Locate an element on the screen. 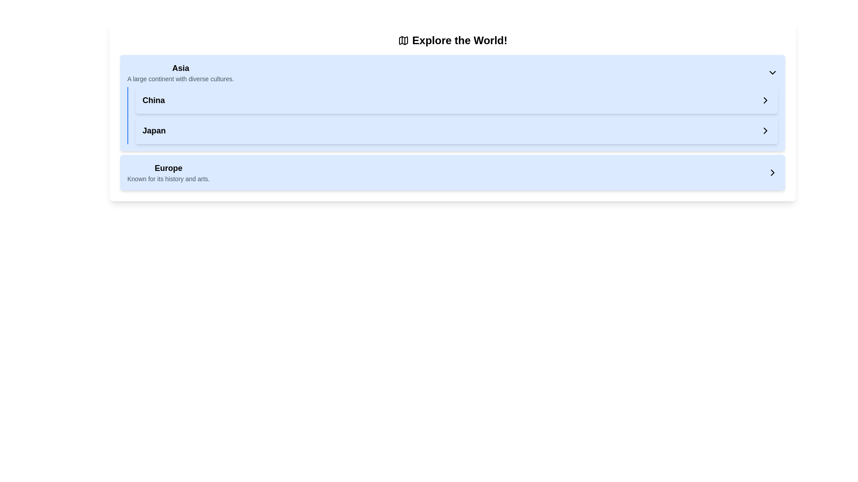 The width and height of the screenshot is (858, 482). descriptive text located beneath the 'Europe' heading, which provides additional information about the topic 'Europe' is located at coordinates (168, 179).